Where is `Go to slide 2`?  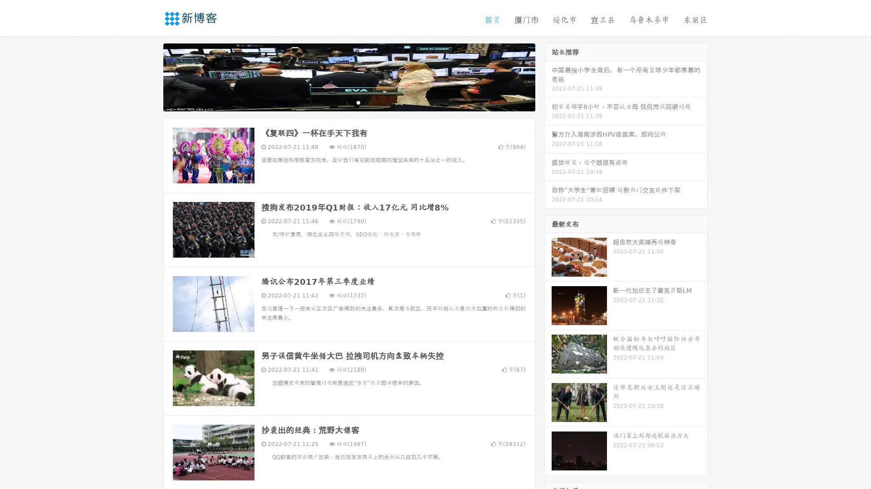
Go to slide 2 is located at coordinates (348, 102).